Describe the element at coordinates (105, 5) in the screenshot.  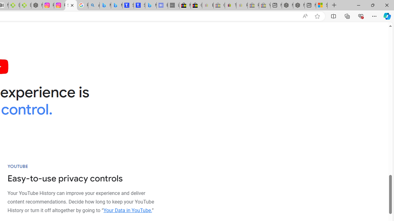
I see `'Microsoft Bing Travel - Flights from Hong Kong to Bangkok'` at that location.